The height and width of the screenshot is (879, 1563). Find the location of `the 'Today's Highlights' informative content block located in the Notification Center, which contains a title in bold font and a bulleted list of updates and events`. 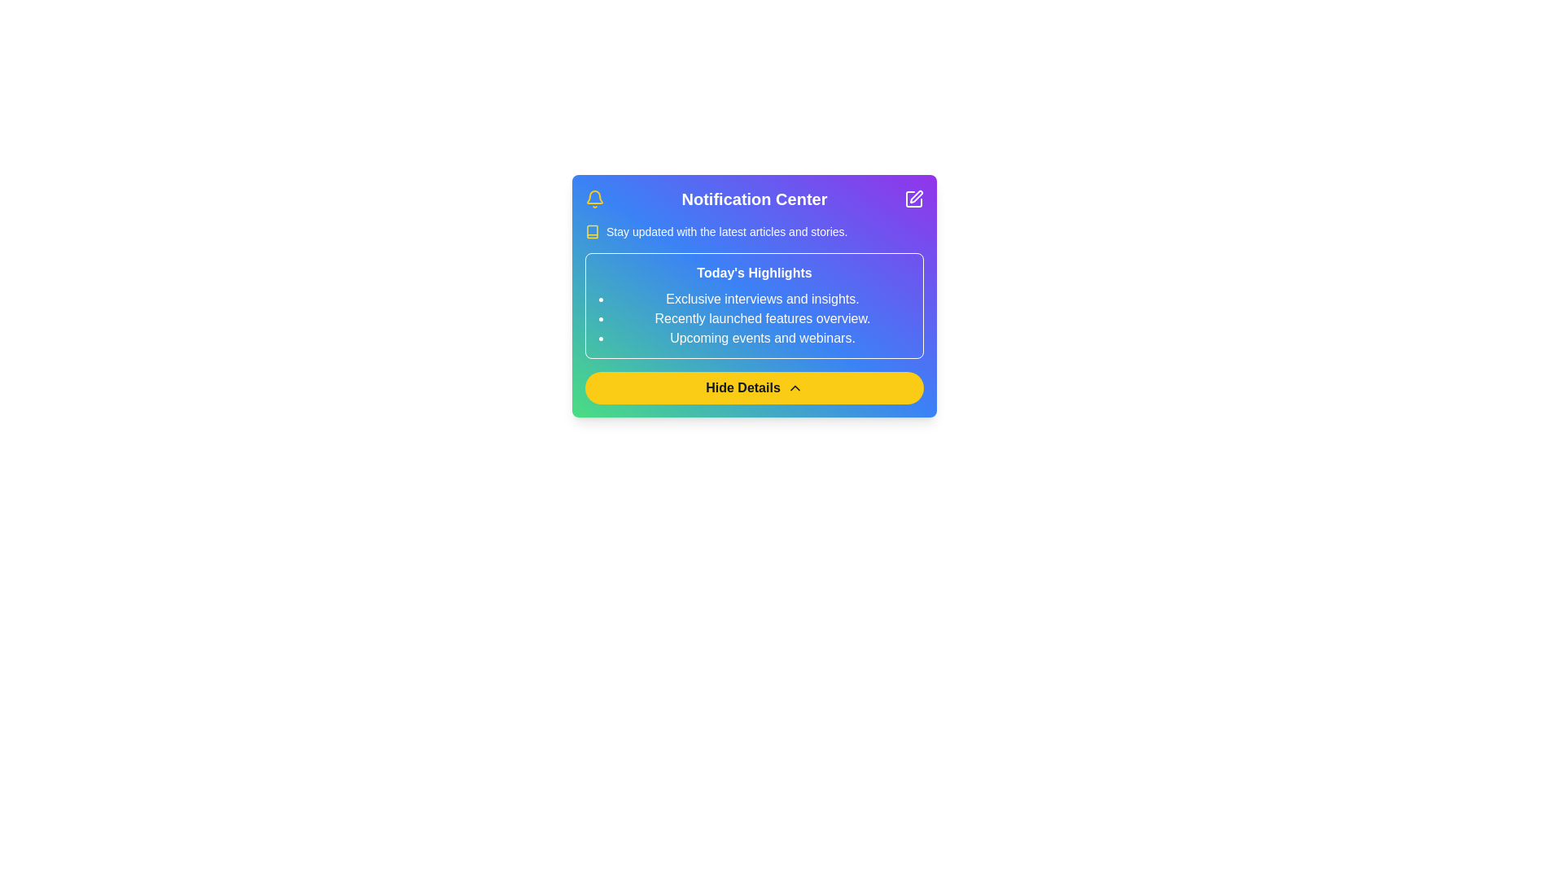

the 'Today's Highlights' informative content block located in the Notification Center, which contains a title in bold font and a bulleted list of updates and events is located at coordinates (753, 291).